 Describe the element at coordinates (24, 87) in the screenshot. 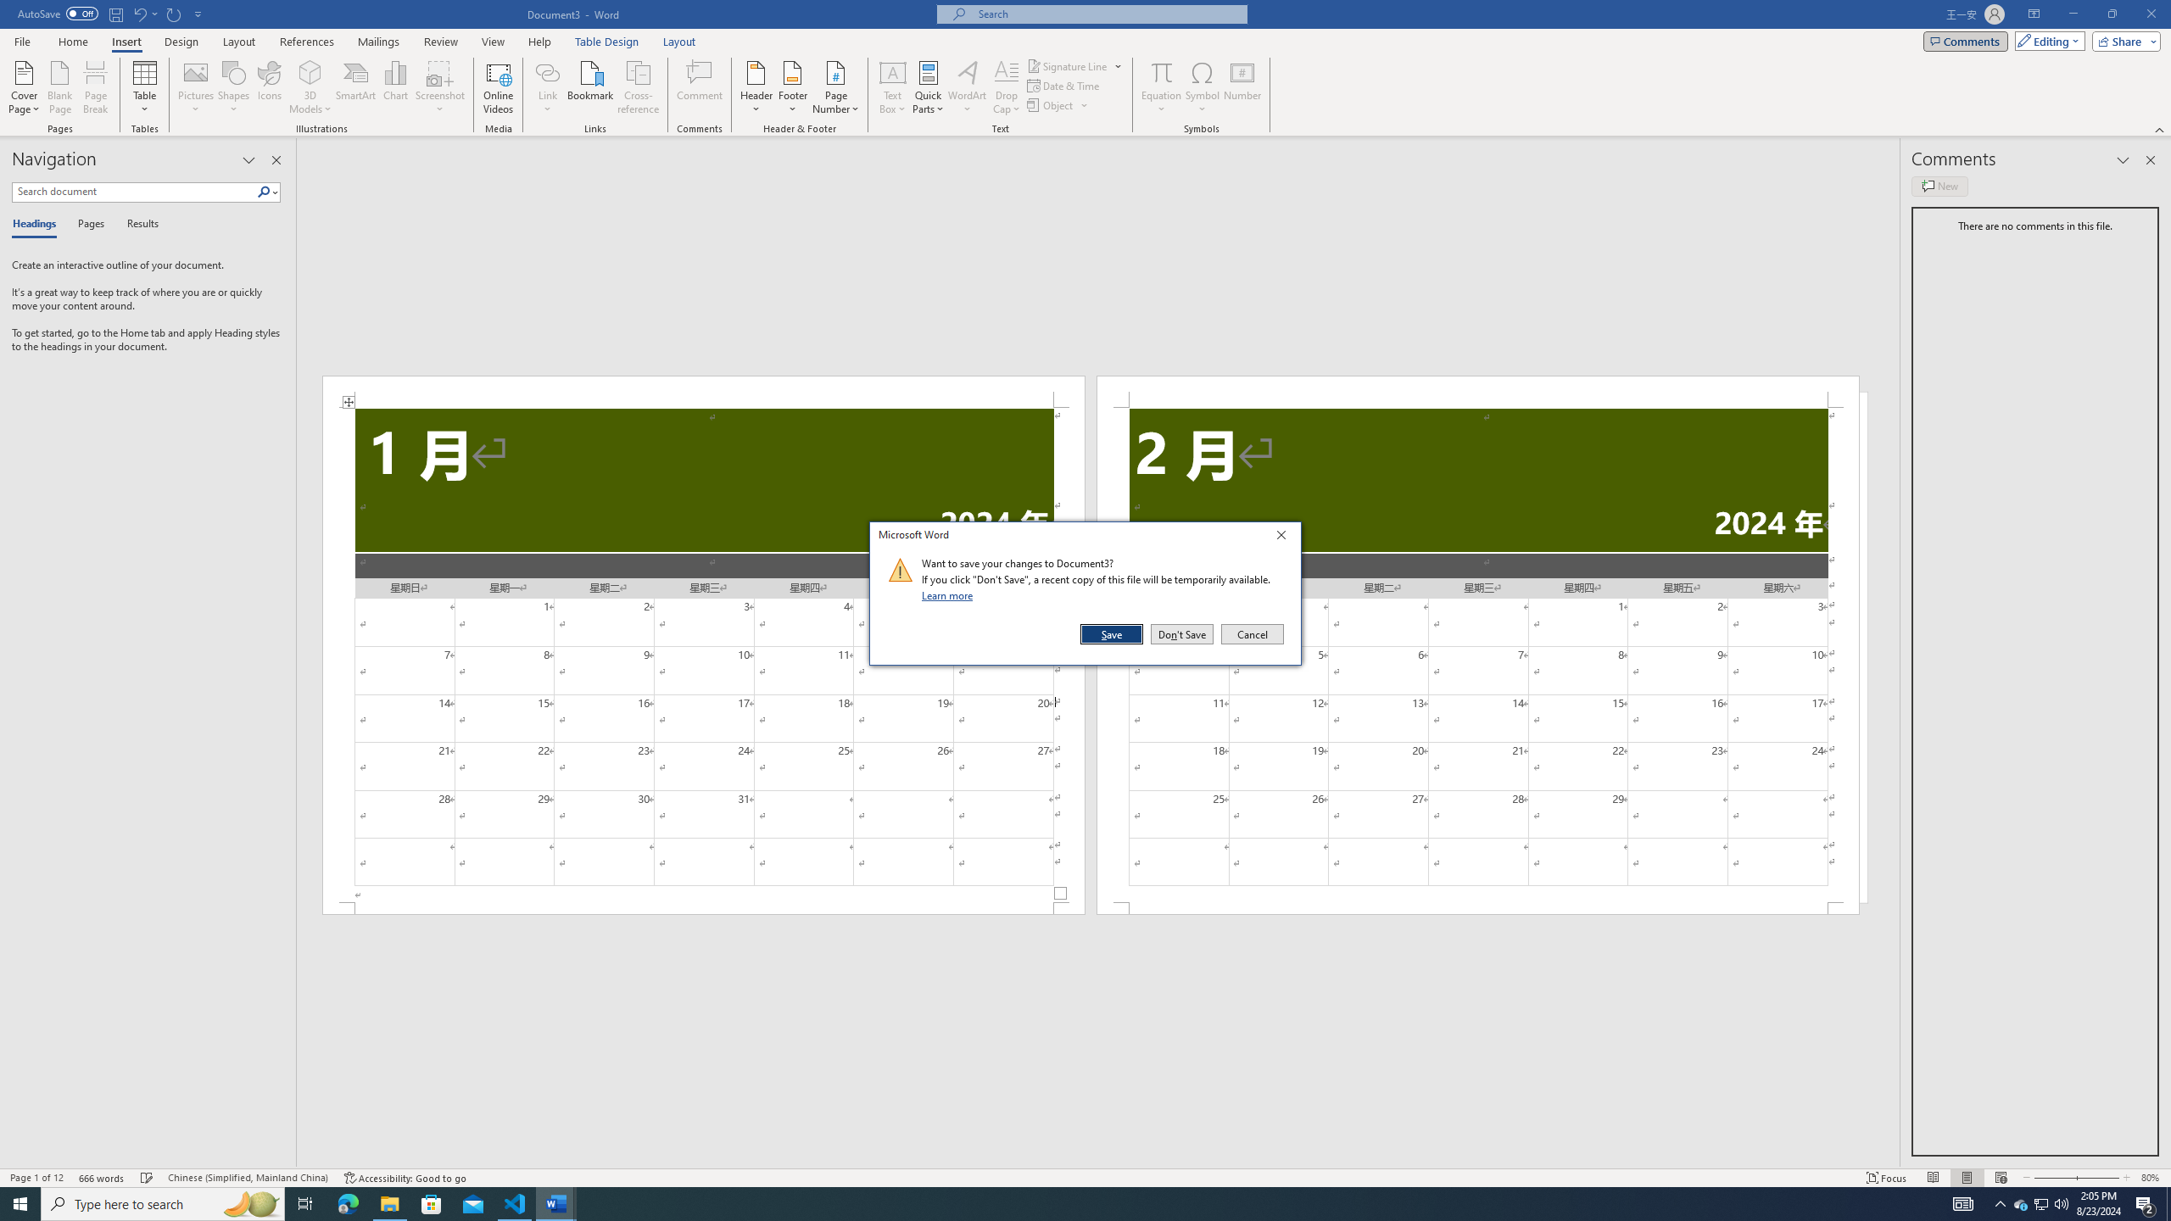

I see `'Cover Page'` at that location.